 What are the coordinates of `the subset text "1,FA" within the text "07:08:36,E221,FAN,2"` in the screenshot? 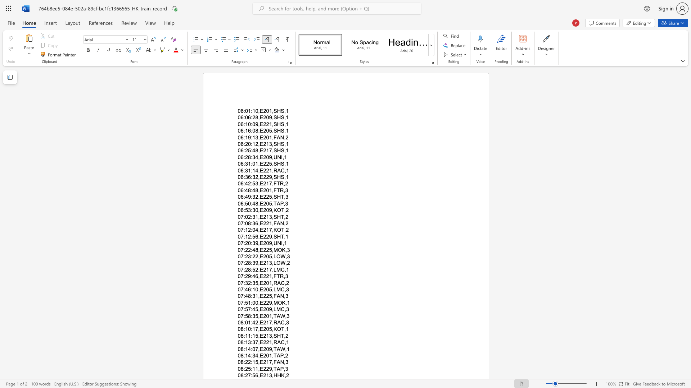 It's located at (268, 223).